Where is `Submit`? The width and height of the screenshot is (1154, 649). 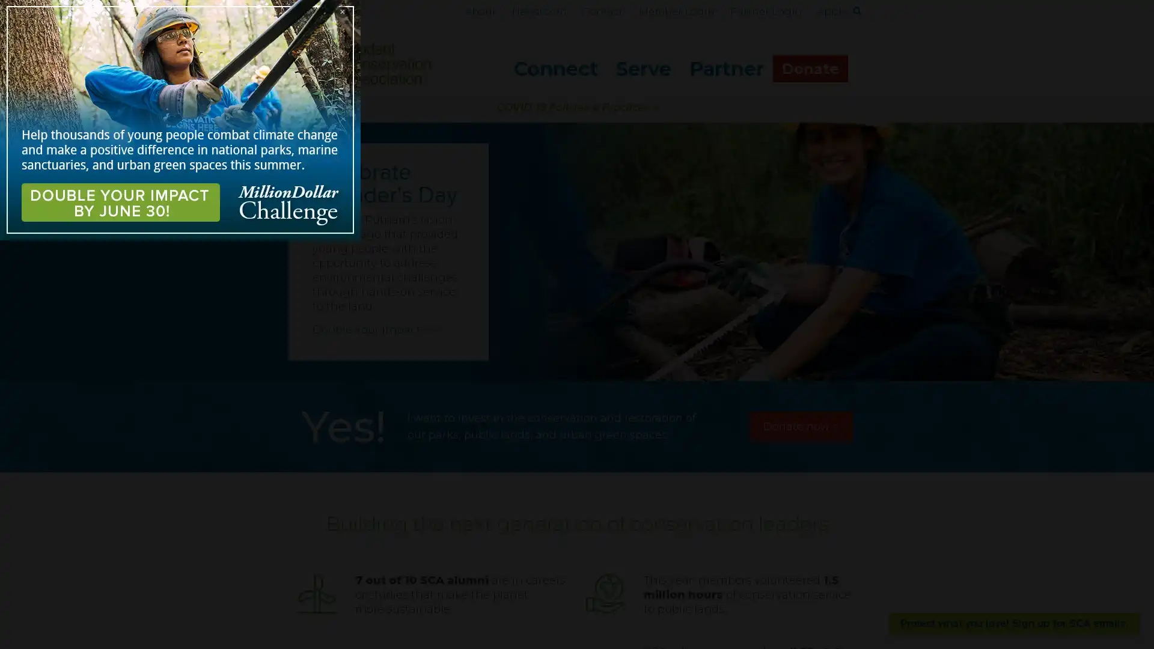
Submit is located at coordinates (849, 34).